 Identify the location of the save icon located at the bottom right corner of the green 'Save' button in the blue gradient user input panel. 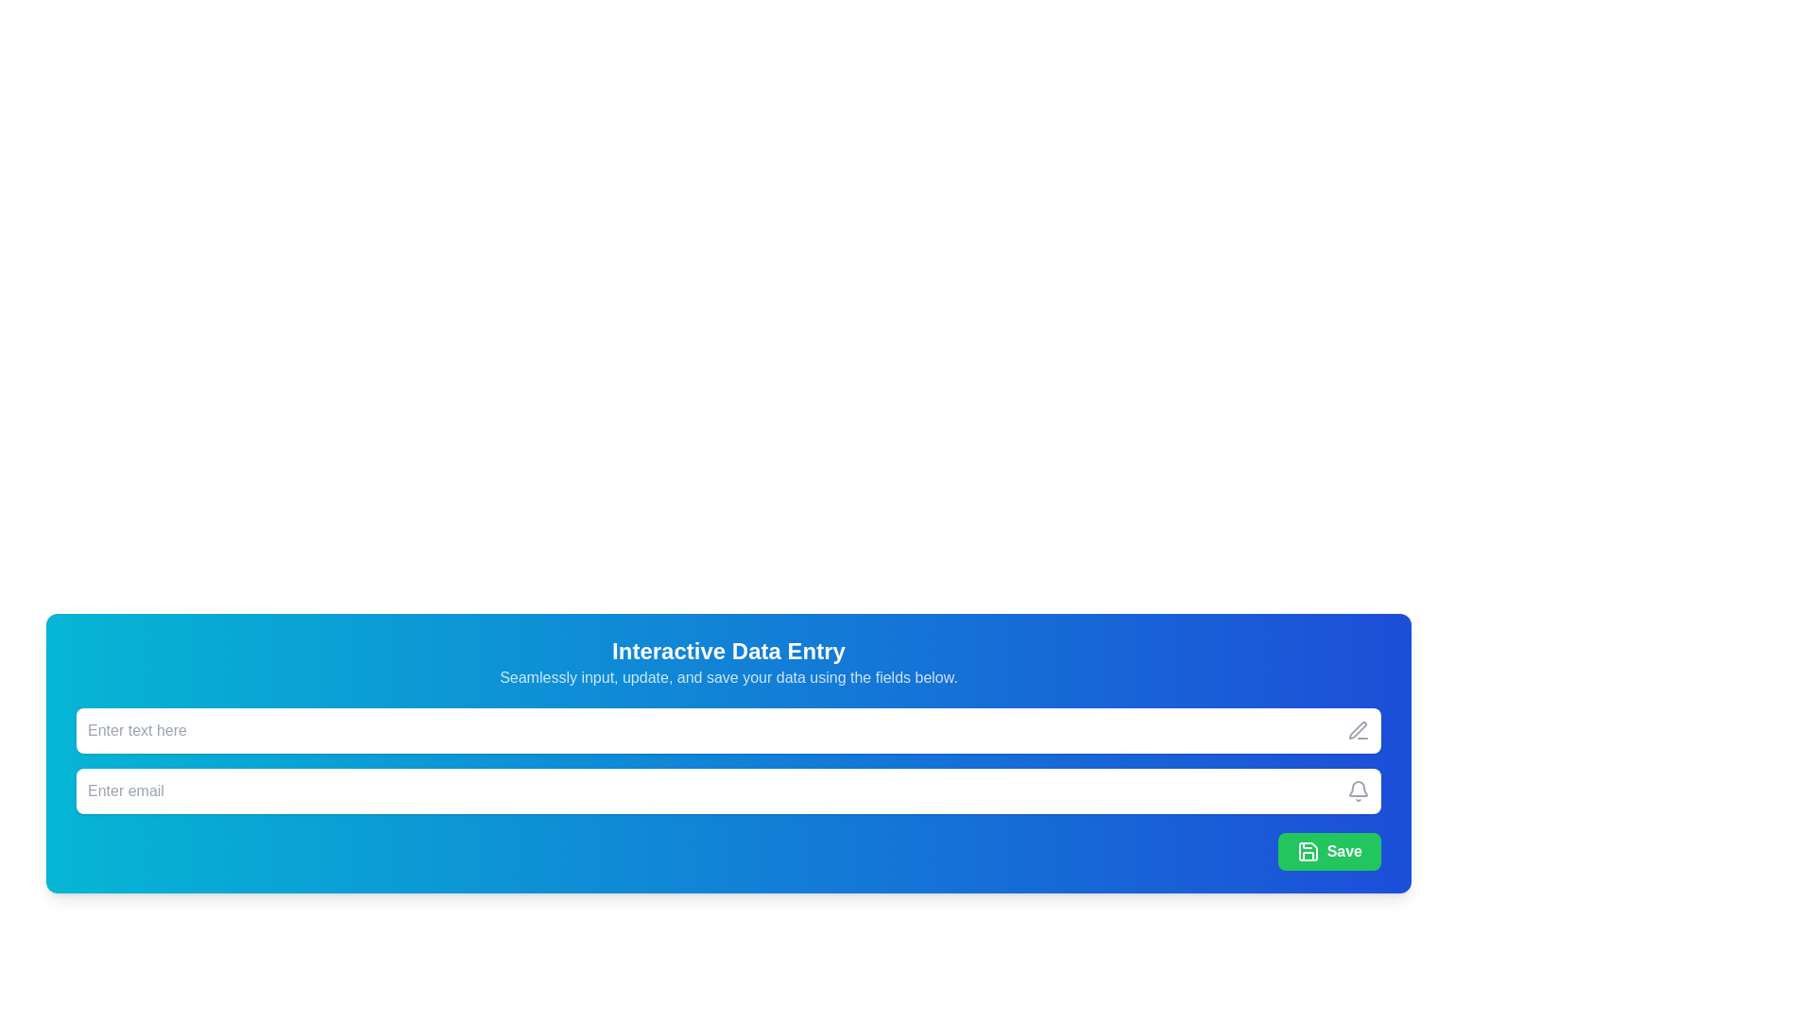
(1307, 852).